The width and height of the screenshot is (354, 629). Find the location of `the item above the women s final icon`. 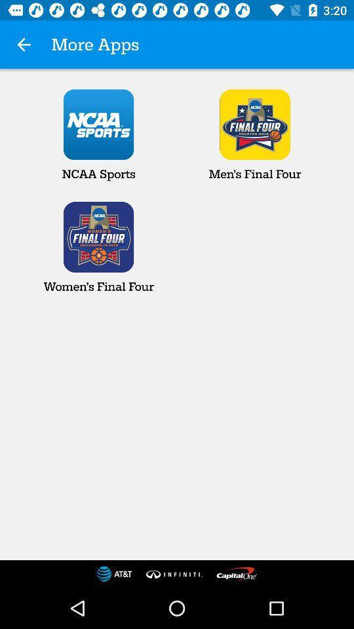

the item above the women s final icon is located at coordinates (98, 135).